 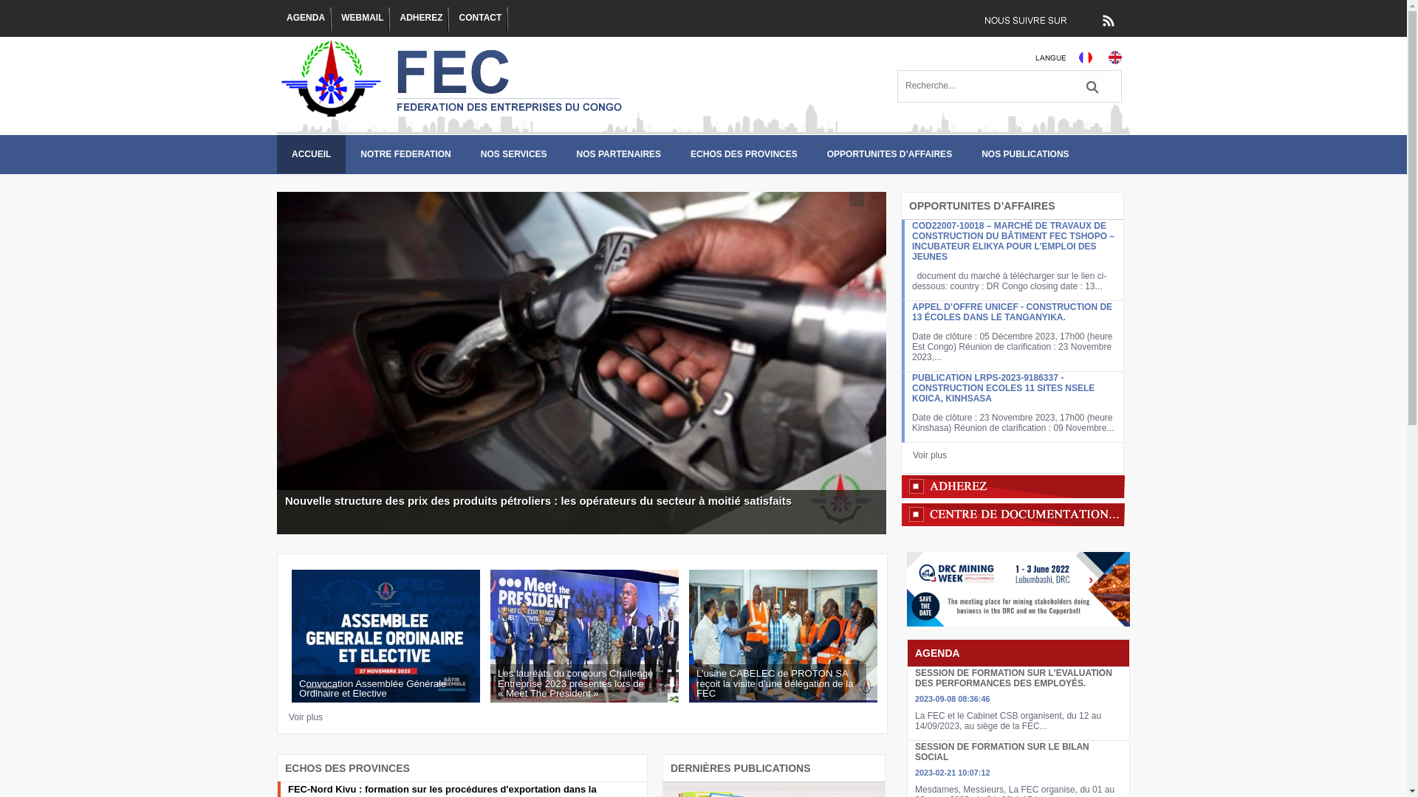 I want to click on 'RSS', so click(x=1107, y=20).